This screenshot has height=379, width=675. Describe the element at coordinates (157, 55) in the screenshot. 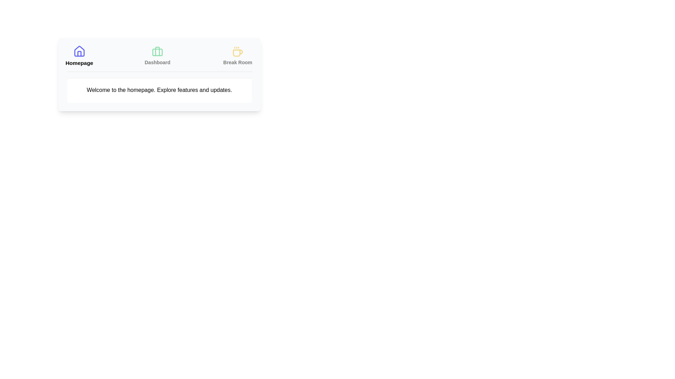

I see `the Dashboard tab by clicking its corresponding button` at that location.